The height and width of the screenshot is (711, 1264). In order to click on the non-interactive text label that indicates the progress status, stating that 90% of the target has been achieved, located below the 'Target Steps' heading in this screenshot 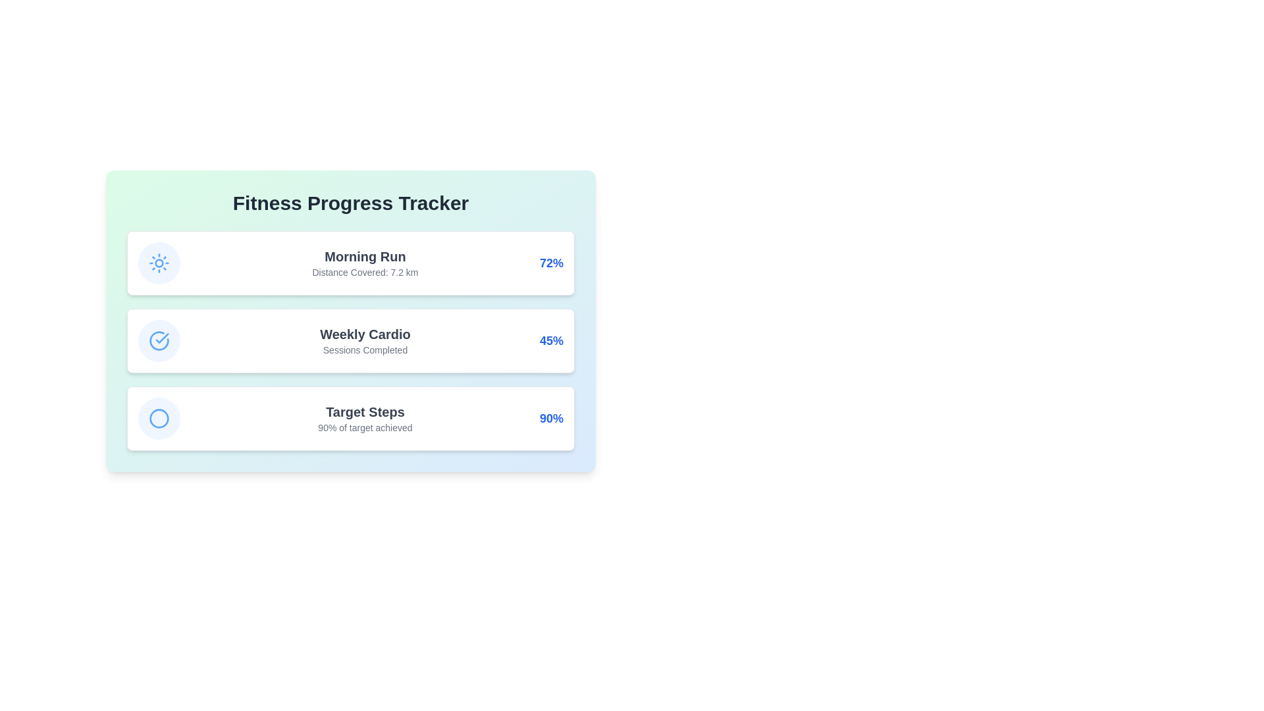, I will do `click(365, 428)`.